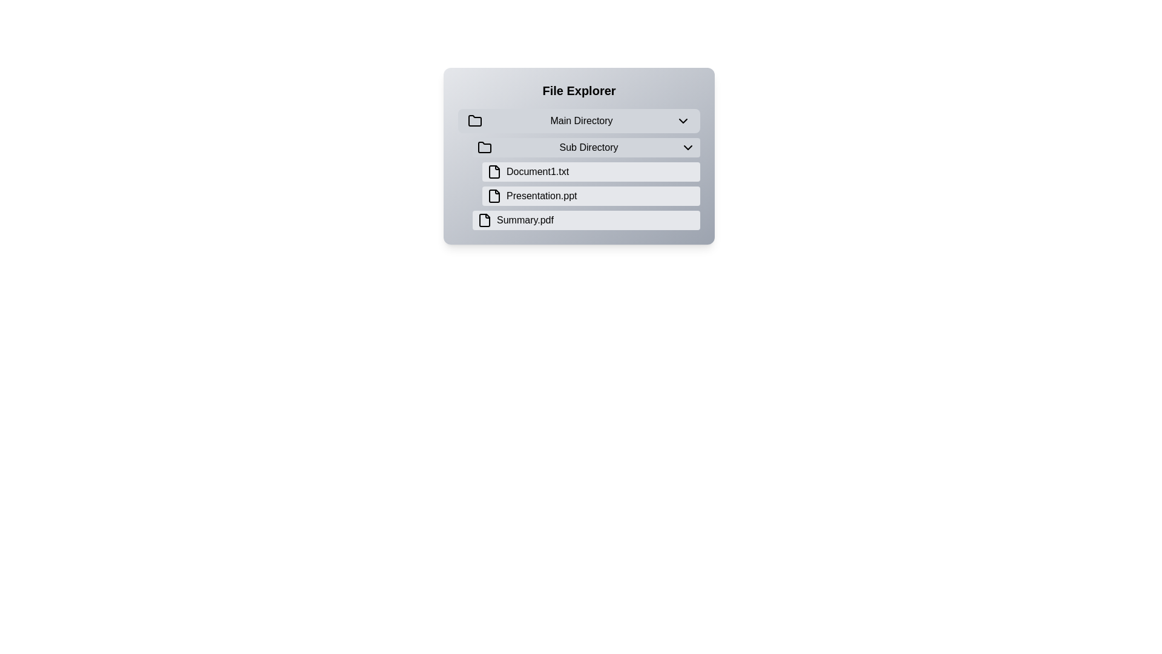  What do you see at coordinates (586, 147) in the screenshot?
I see `the directory button located beneath the 'Main Directory' label` at bounding box center [586, 147].